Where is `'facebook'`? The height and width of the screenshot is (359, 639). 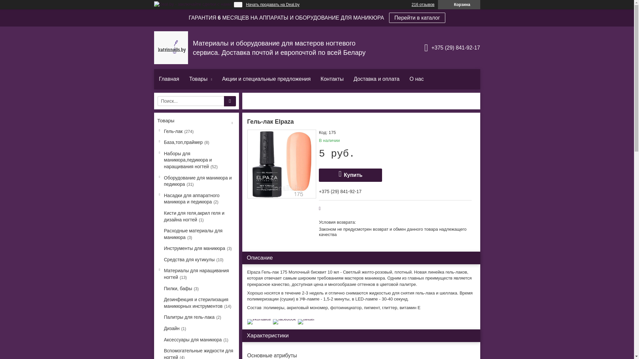
'facebook' is located at coordinates (273, 318).